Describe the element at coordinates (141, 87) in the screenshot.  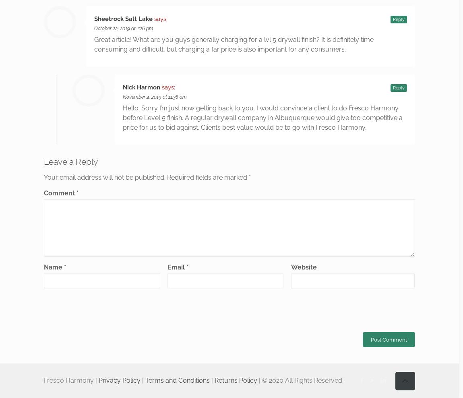
I see `'Nick Harmon'` at that location.